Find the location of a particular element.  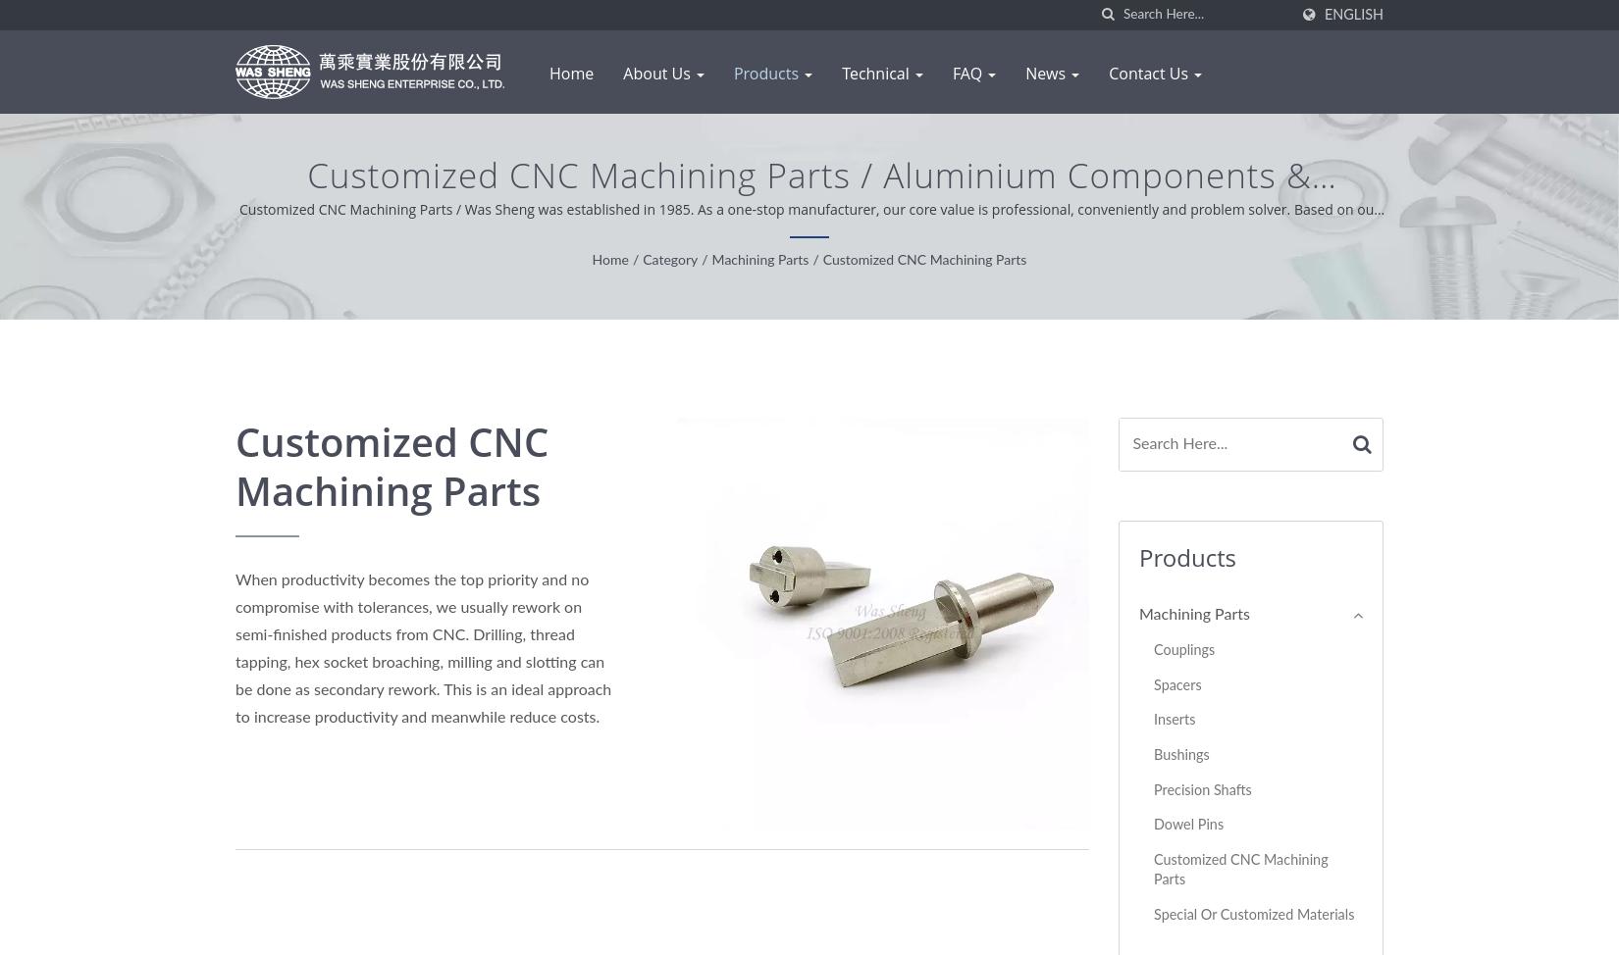

'English' is located at coordinates (1323, 15).